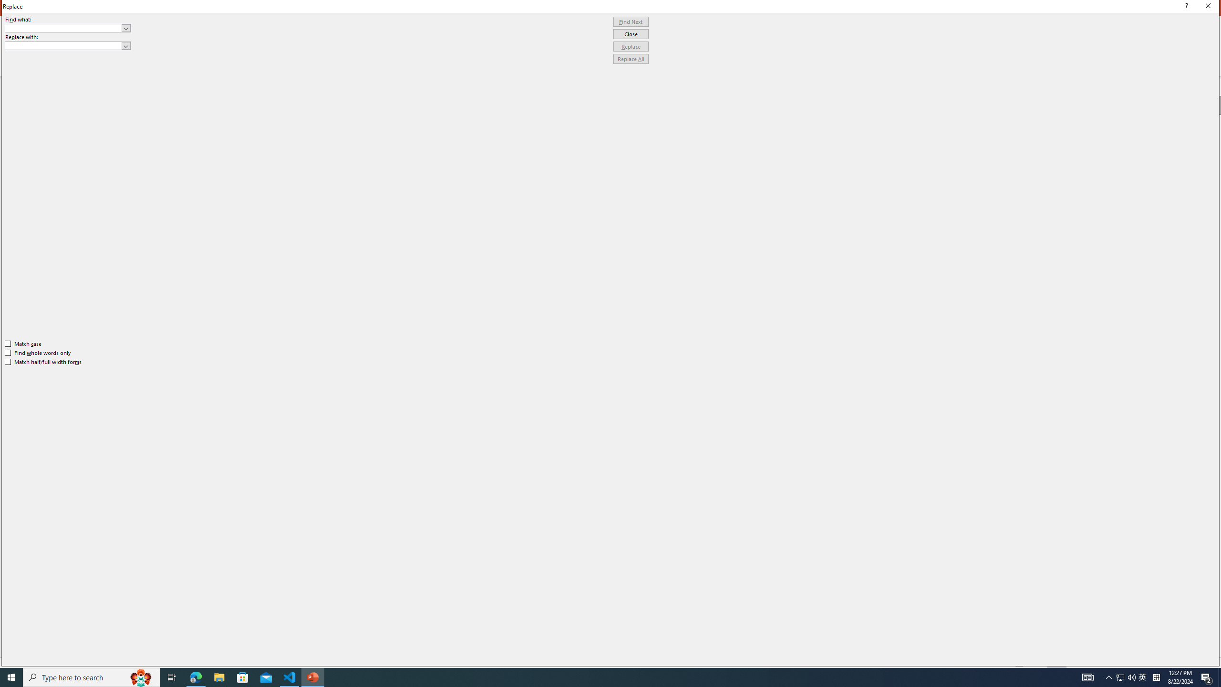 The image size is (1221, 687). What do you see at coordinates (63, 28) in the screenshot?
I see `'Find what'` at bounding box center [63, 28].